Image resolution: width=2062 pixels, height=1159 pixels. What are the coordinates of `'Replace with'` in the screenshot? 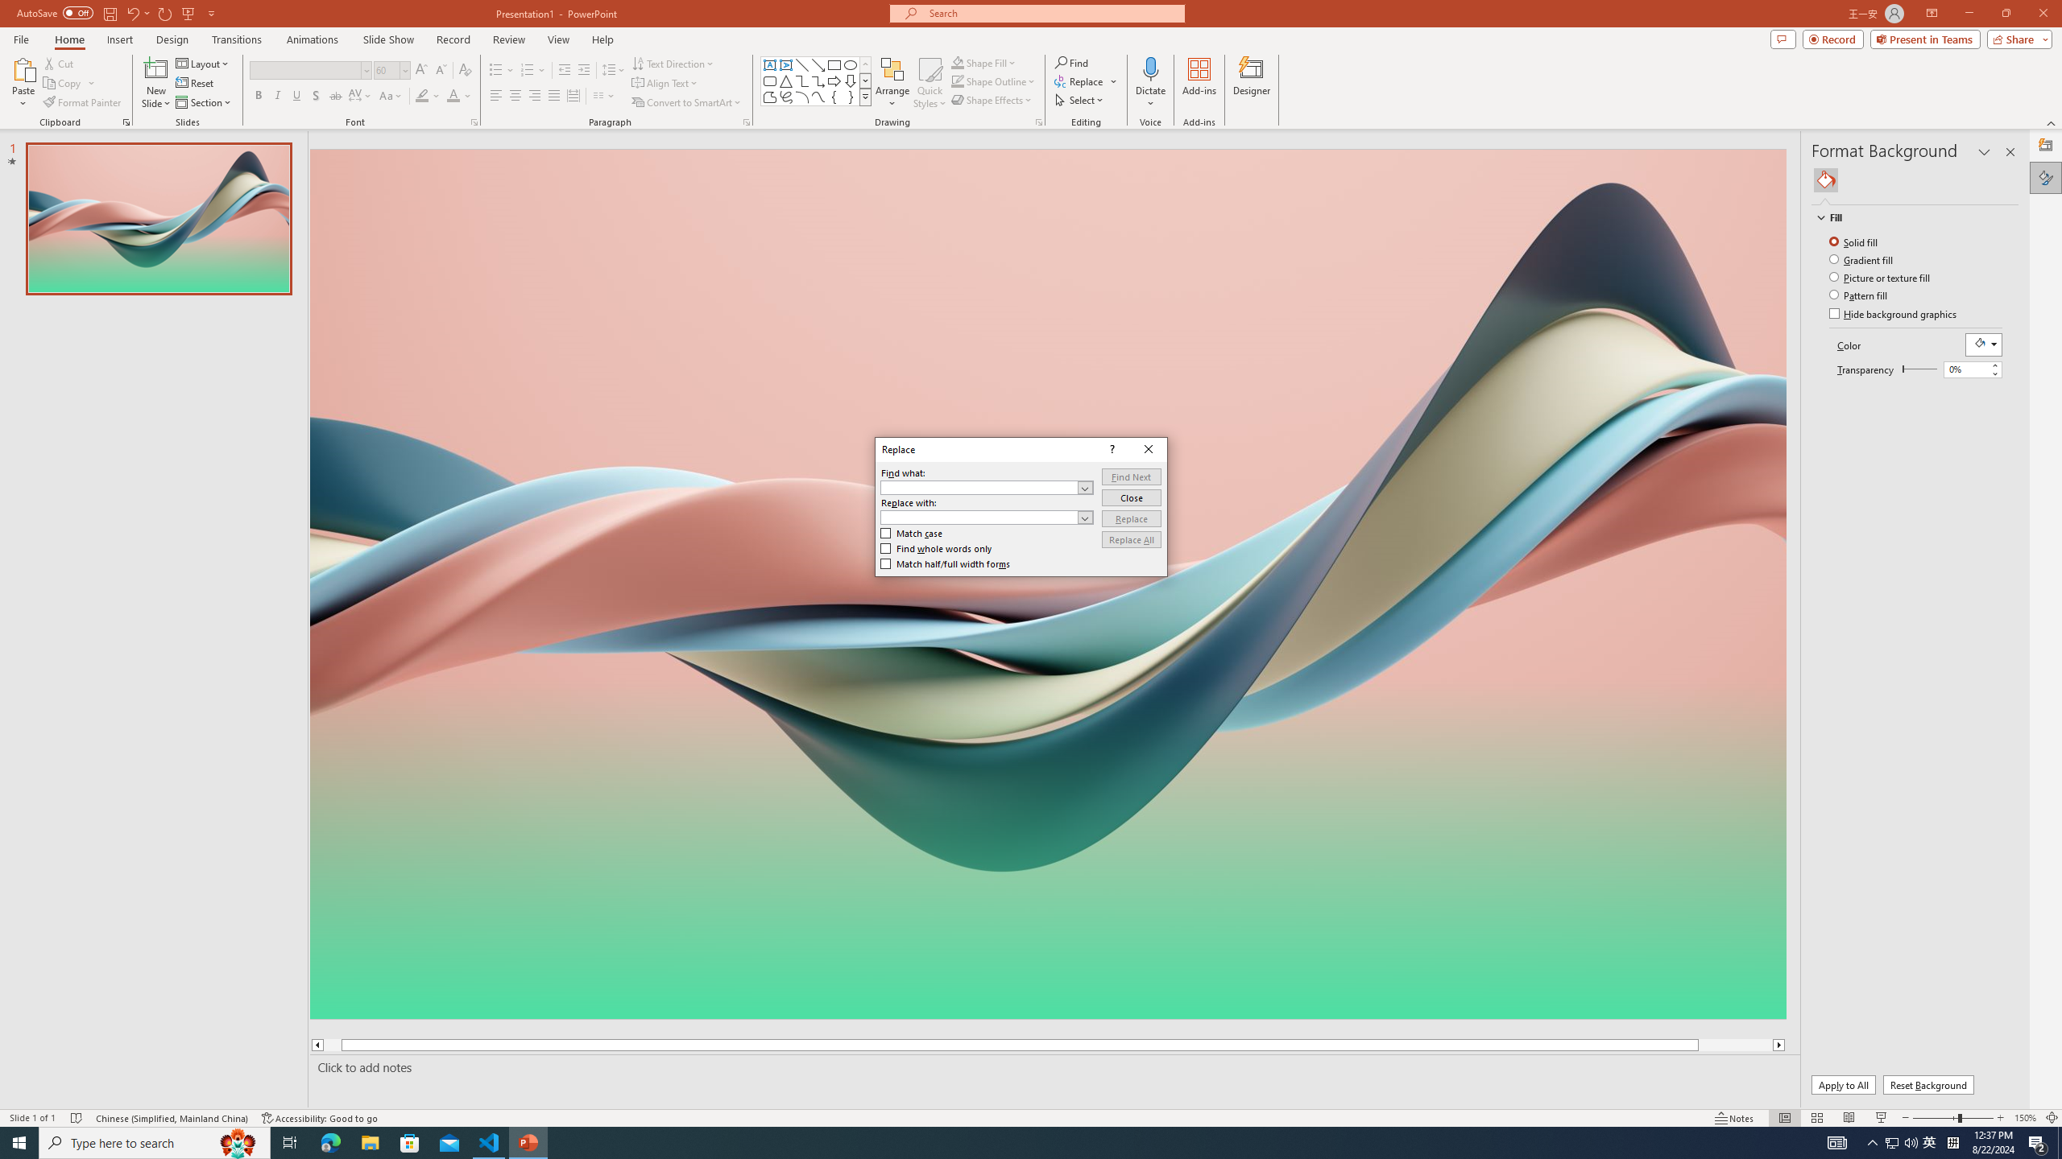 It's located at (985, 517).